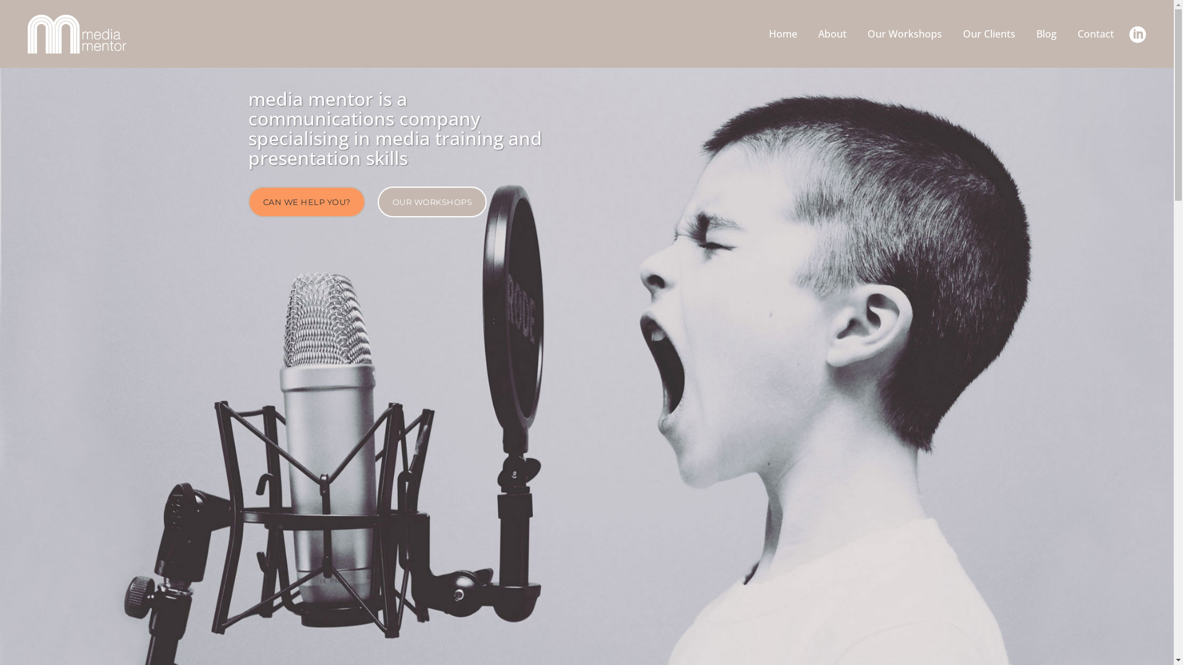 The width and height of the screenshot is (1183, 665). What do you see at coordinates (783, 33) in the screenshot?
I see `'Home'` at bounding box center [783, 33].